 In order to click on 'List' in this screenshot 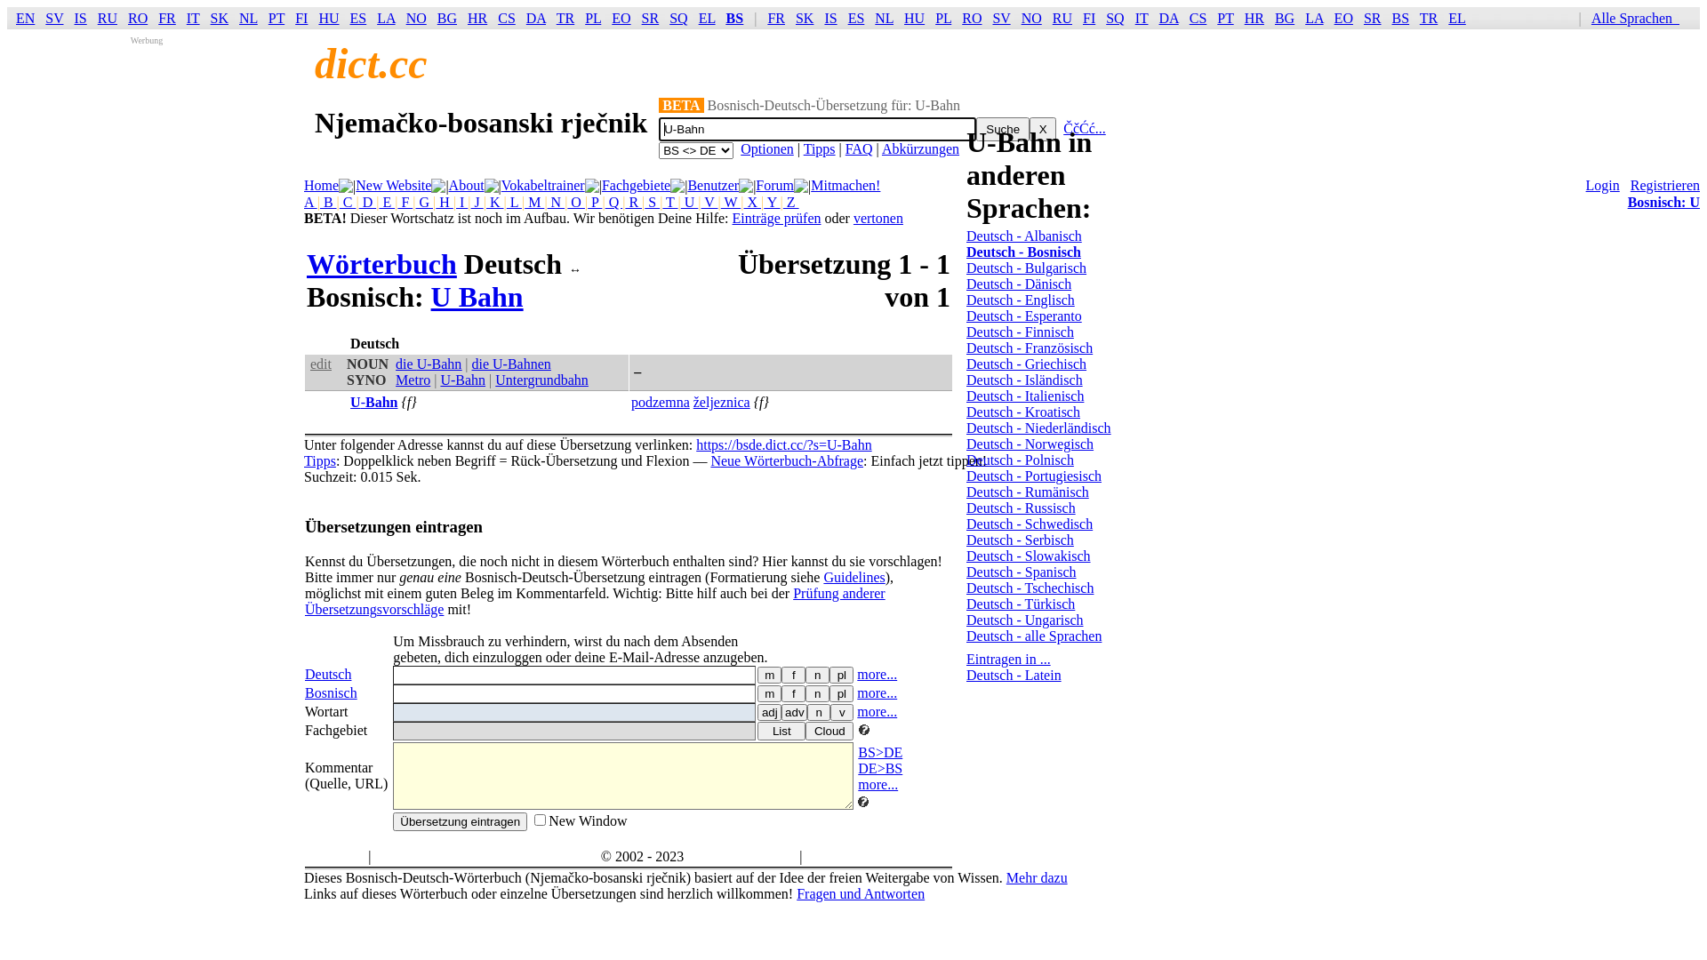, I will do `click(781, 731)`.